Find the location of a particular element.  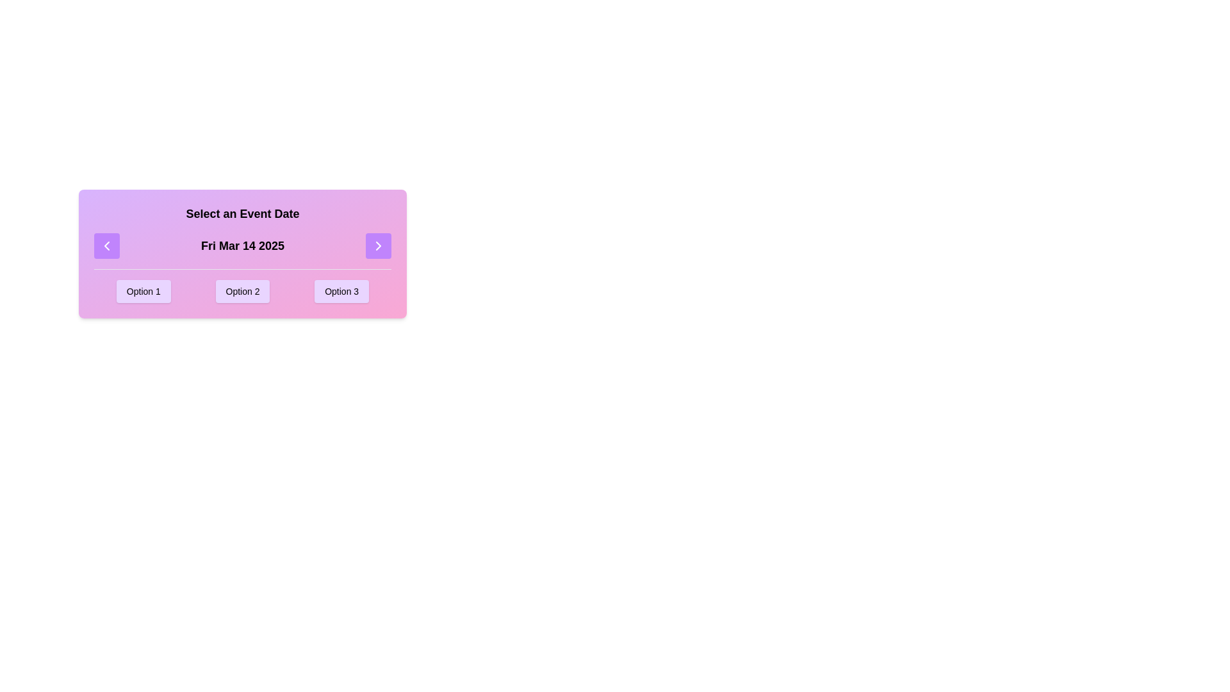

the button with a purple background and white border, featuring a right-pointing chevron icon is located at coordinates (377, 246).